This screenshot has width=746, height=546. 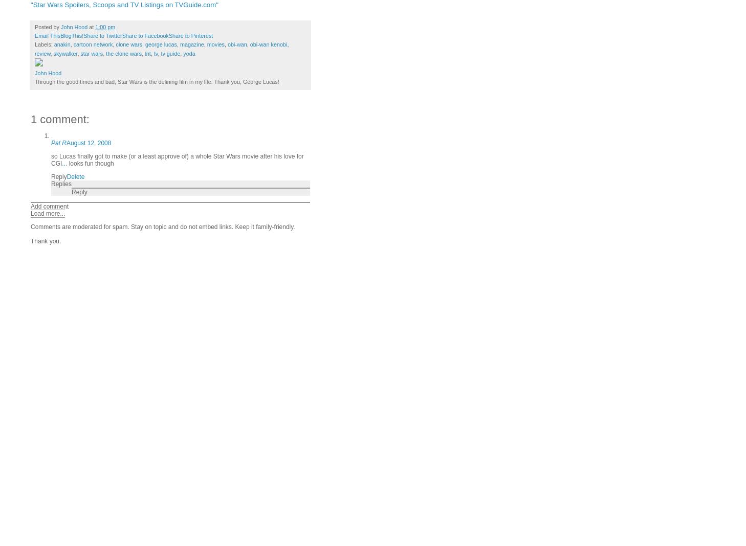 I want to click on 'tv', so click(x=155, y=53).